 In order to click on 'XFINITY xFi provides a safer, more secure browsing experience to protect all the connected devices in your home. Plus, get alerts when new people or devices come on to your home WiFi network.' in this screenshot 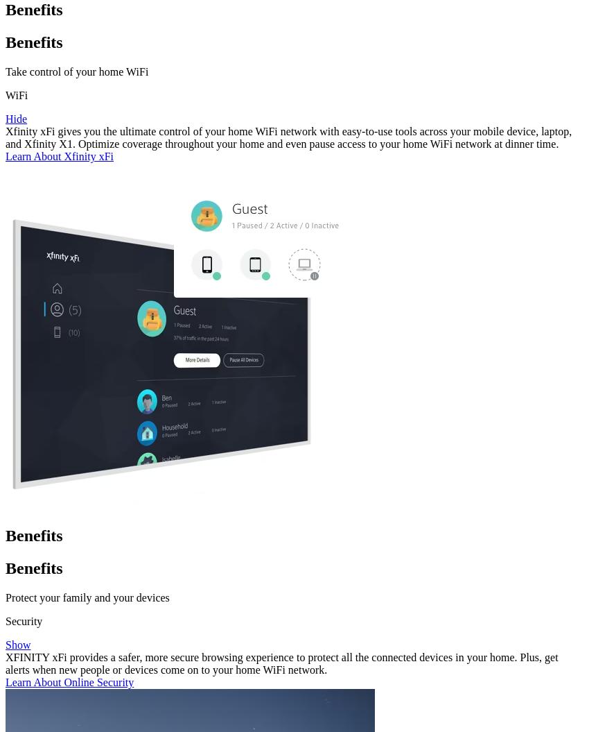, I will do `click(4, 663)`.